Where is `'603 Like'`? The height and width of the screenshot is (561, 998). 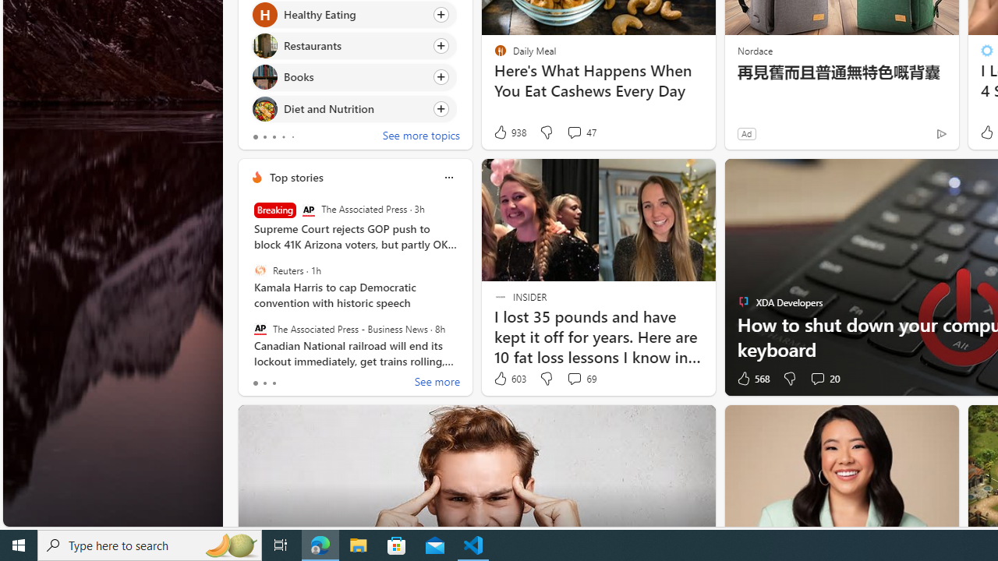
'603 Like' is located at coordinates (509, 379).